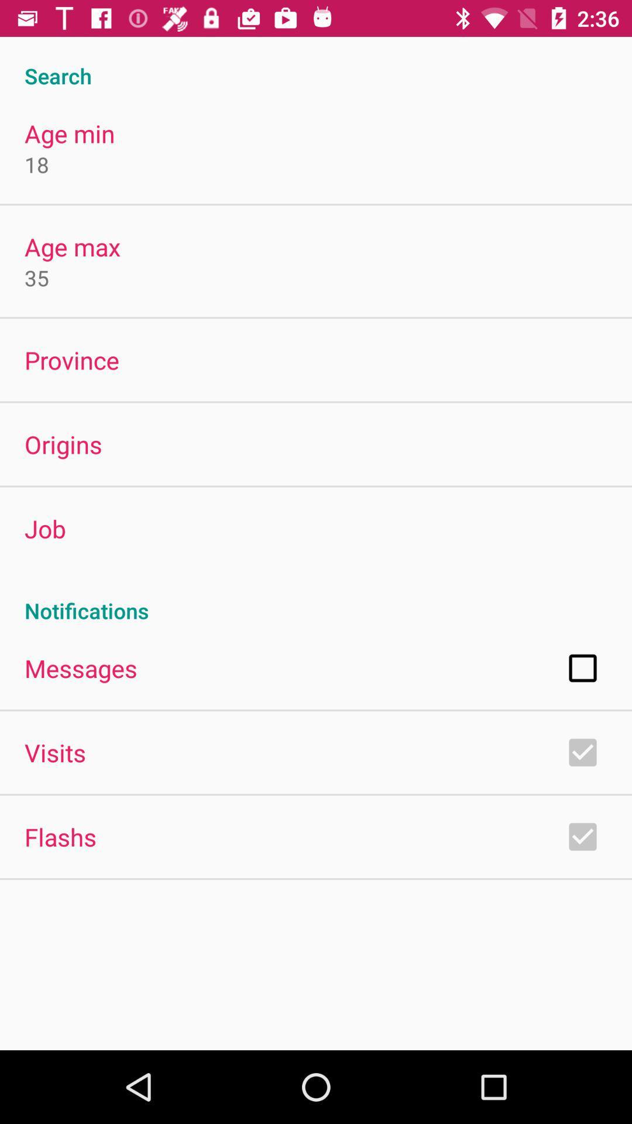 The height and width of the screenshot is (1124, 632). I want to click on the 35 icon, so click(36, 277).